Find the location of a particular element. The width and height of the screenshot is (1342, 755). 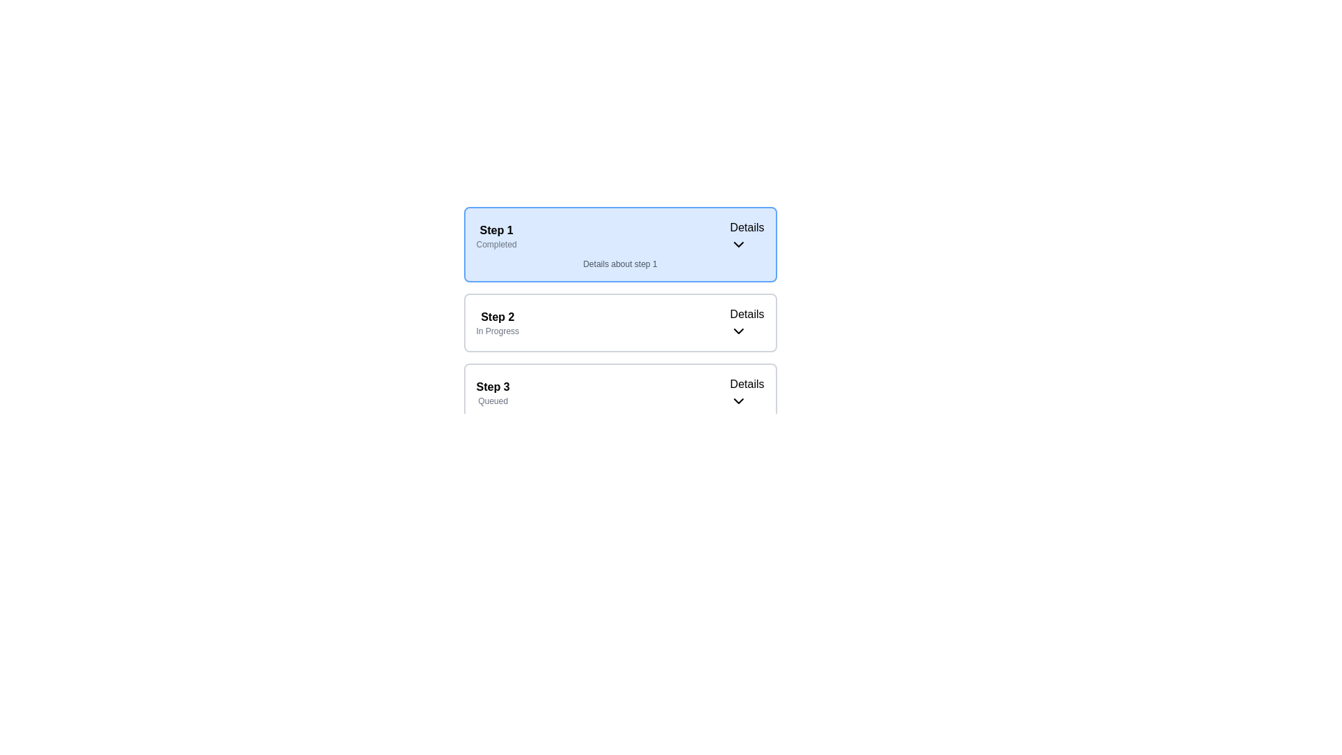

the toggle/dropdown indicator located in the top-right corner of the 'Step 1' section, following the text 'Step 1 Completed' is located at coordinates (746, 236).